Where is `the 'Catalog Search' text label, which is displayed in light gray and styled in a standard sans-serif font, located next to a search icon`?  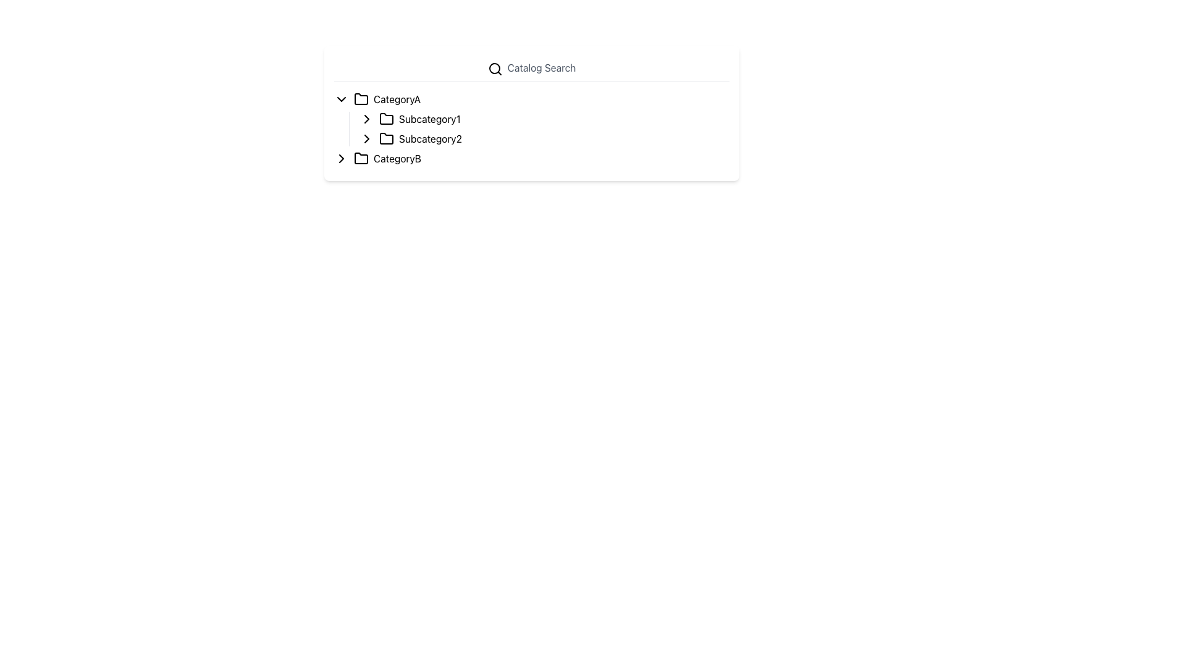 the 'Catalog Search' text label, which is displayed in light gray and styled in a standard sans-serif font, located next to a search icon is located at coordinates (542, 68).